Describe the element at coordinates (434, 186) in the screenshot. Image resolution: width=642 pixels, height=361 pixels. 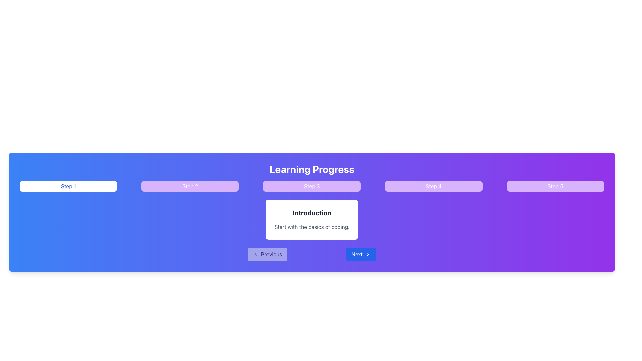
I see `the 'Step 4' button, which is the fourth item in a series of five buttons arranged horizontally` at that location.